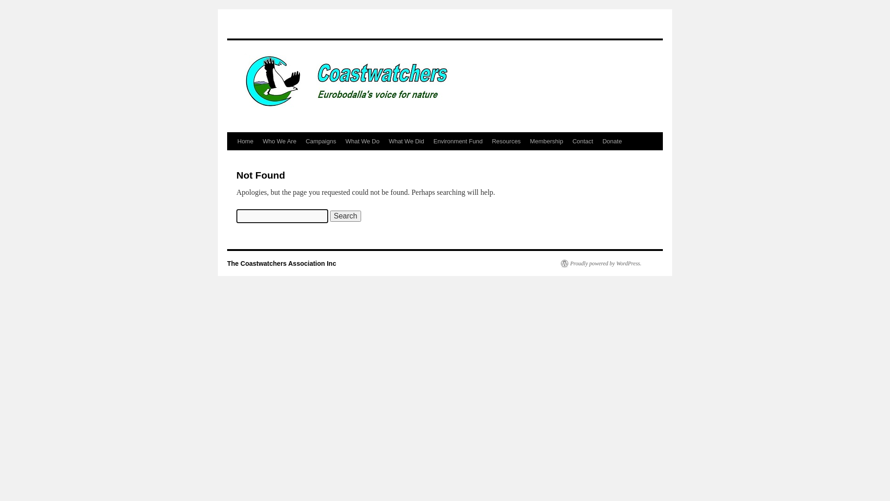 The image size is (890, 501). Describe the element at coordinates (601, 263) in the screenshot. I see `'Proudly powered by WordPress.'` at that location.